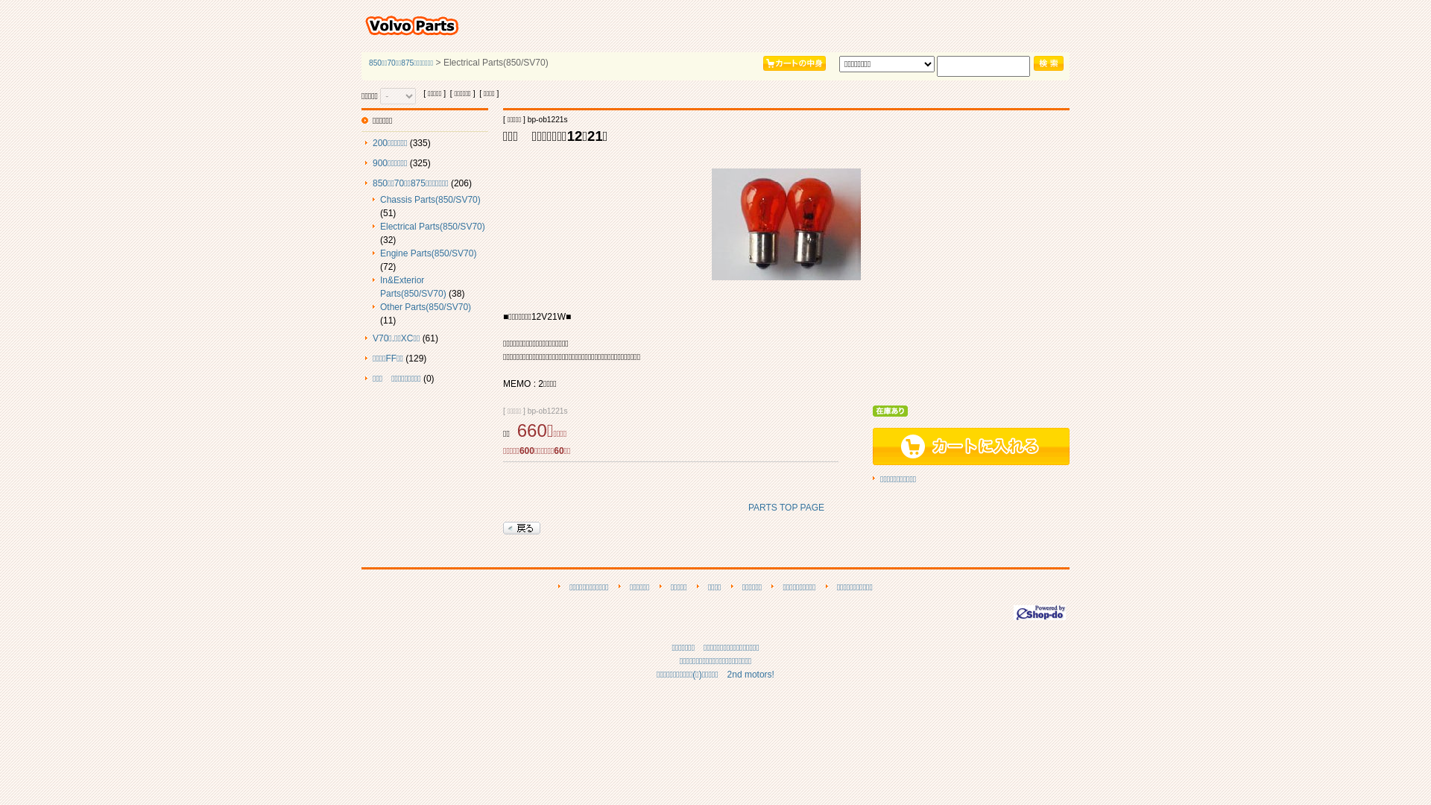 The image size is (1431, 805). What do you see at coordinates (786, 507) in the screenshot?
I see `'PARTS TOP PAGE'` at bounding box center [786, 507].